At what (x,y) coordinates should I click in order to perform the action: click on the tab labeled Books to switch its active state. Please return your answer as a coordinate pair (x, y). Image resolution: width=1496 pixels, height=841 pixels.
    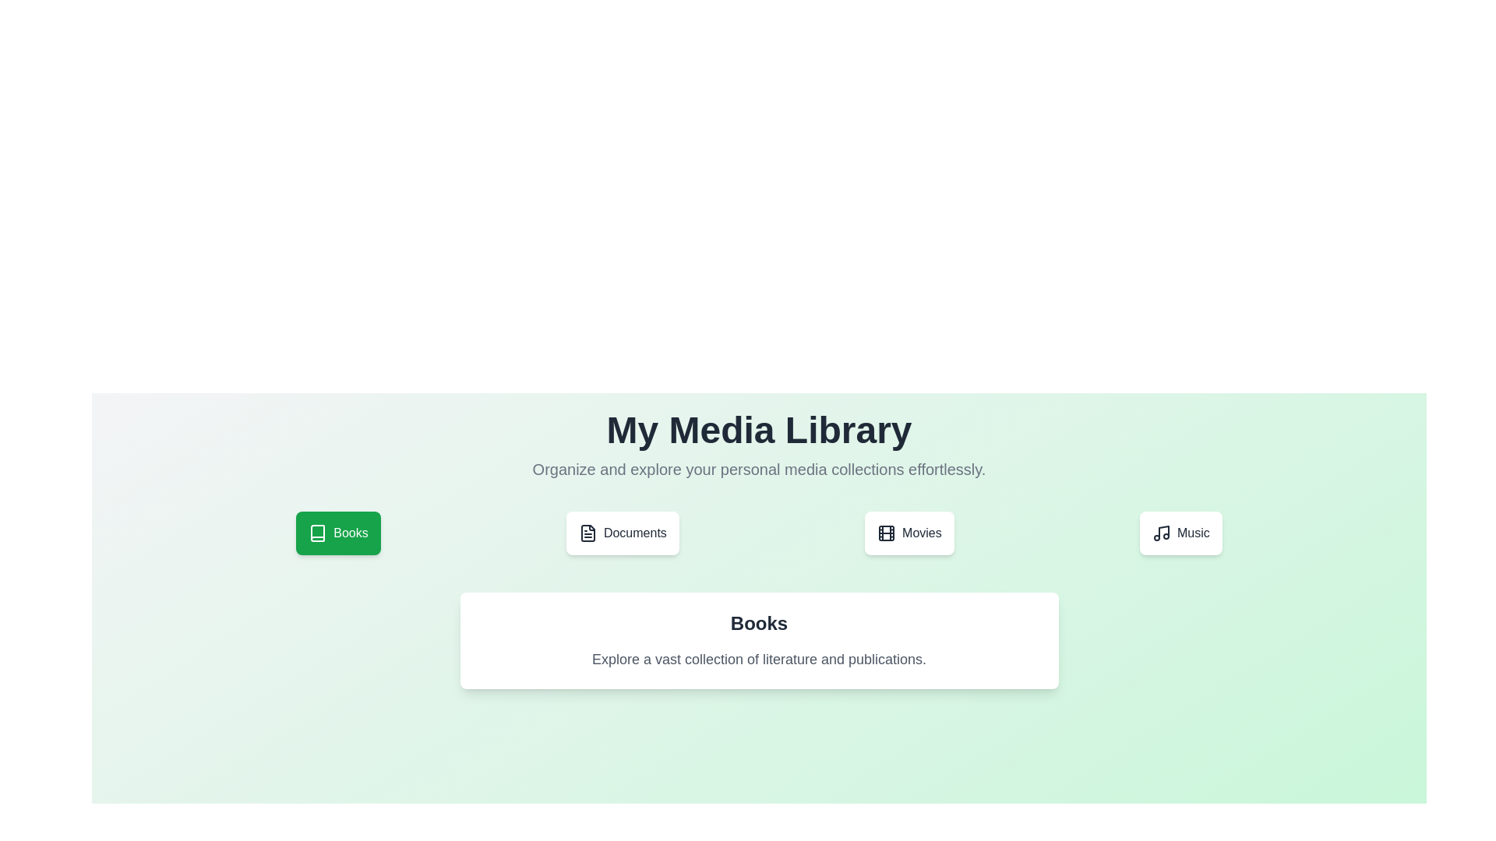
    Looking at the image, I should click on (337, 533).